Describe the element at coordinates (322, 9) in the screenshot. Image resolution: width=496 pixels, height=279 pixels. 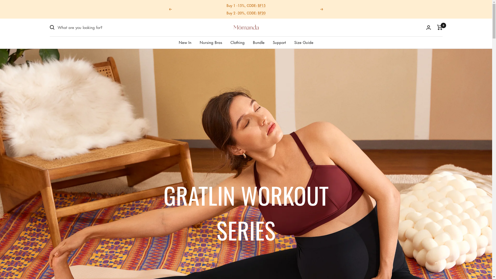
I see `'Next'` at that location.